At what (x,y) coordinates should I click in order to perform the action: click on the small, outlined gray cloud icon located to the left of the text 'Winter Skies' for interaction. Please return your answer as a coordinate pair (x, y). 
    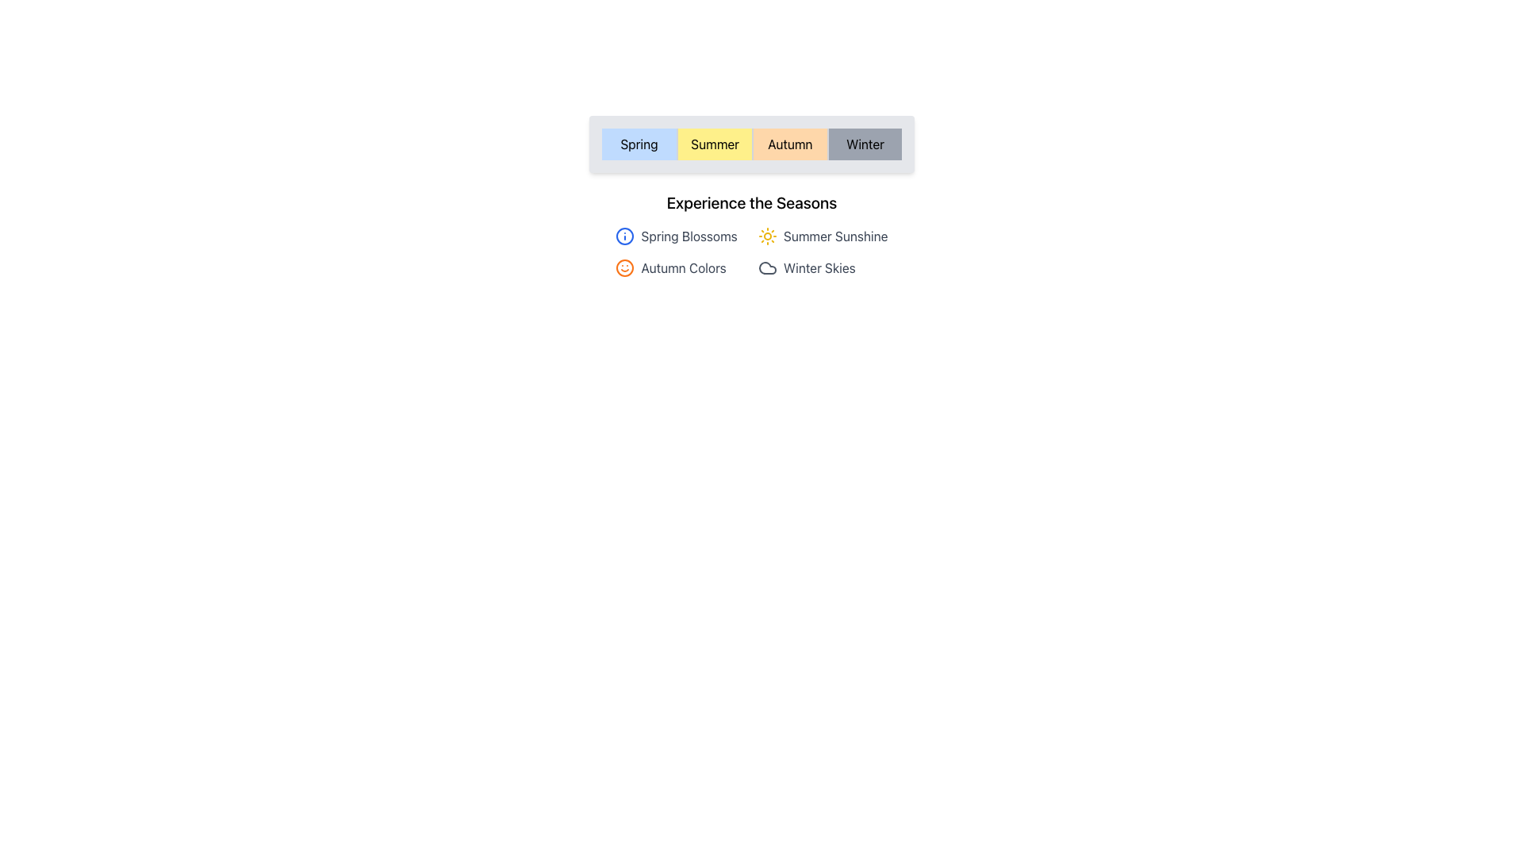
    Looking at the image, I should click on (768, 267).